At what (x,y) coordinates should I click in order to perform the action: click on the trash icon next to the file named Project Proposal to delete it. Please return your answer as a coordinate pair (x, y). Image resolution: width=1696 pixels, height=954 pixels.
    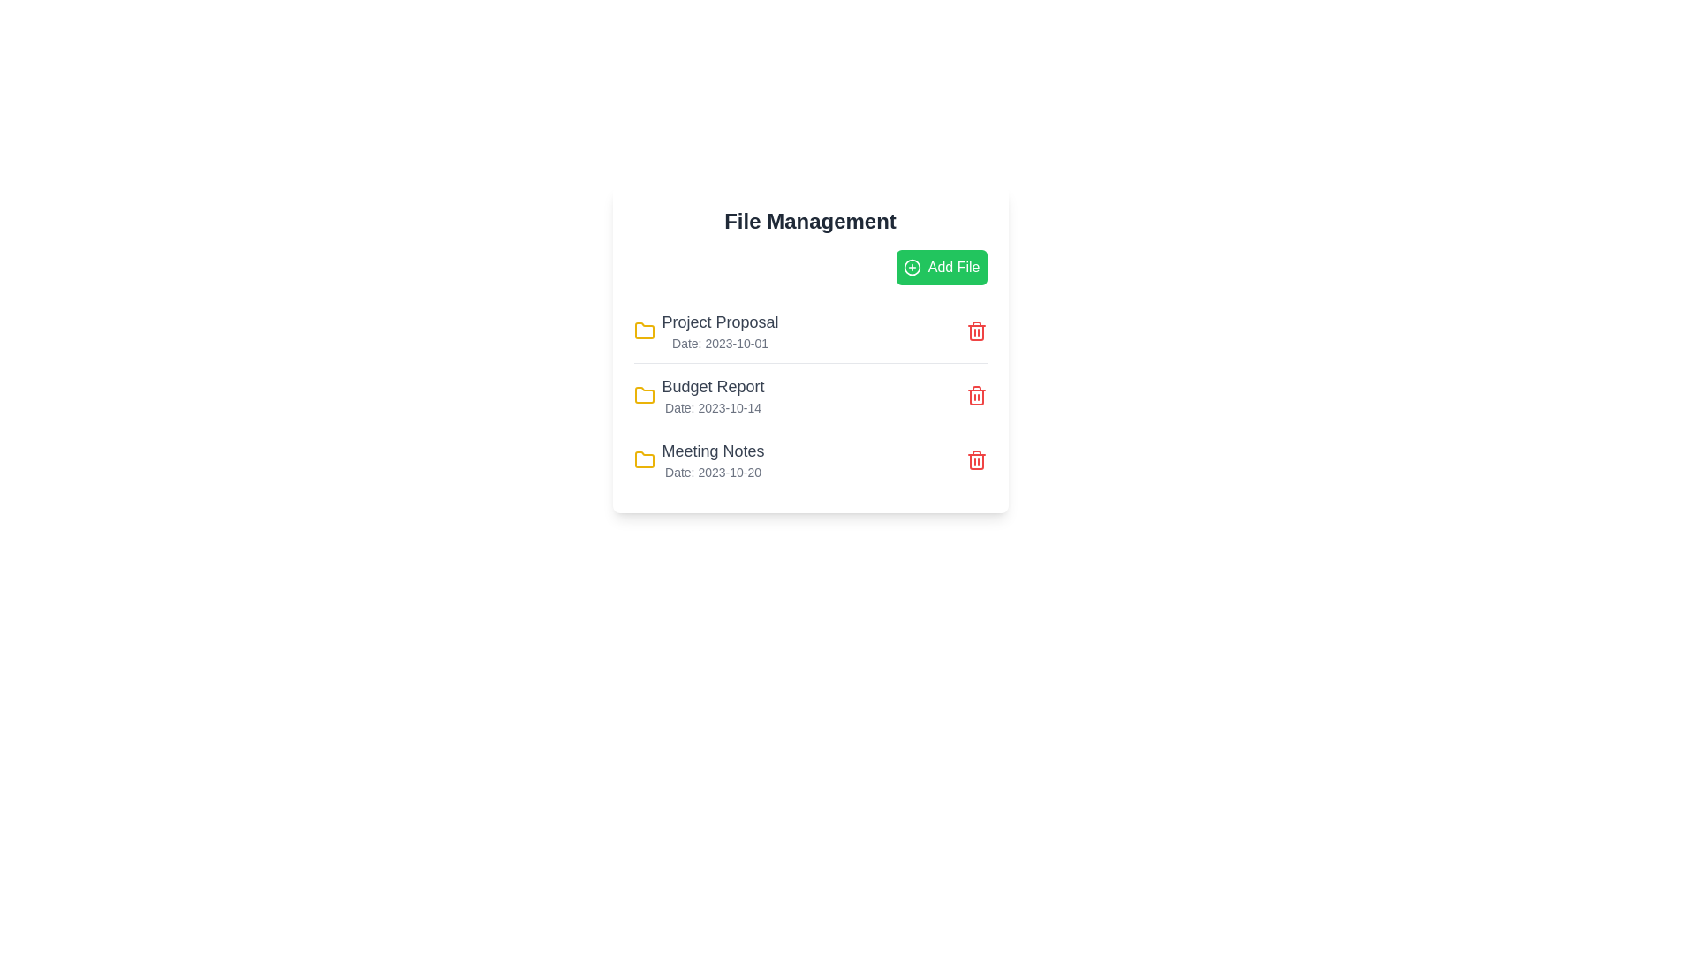
    Looking at the image, I should click on (975, 330).